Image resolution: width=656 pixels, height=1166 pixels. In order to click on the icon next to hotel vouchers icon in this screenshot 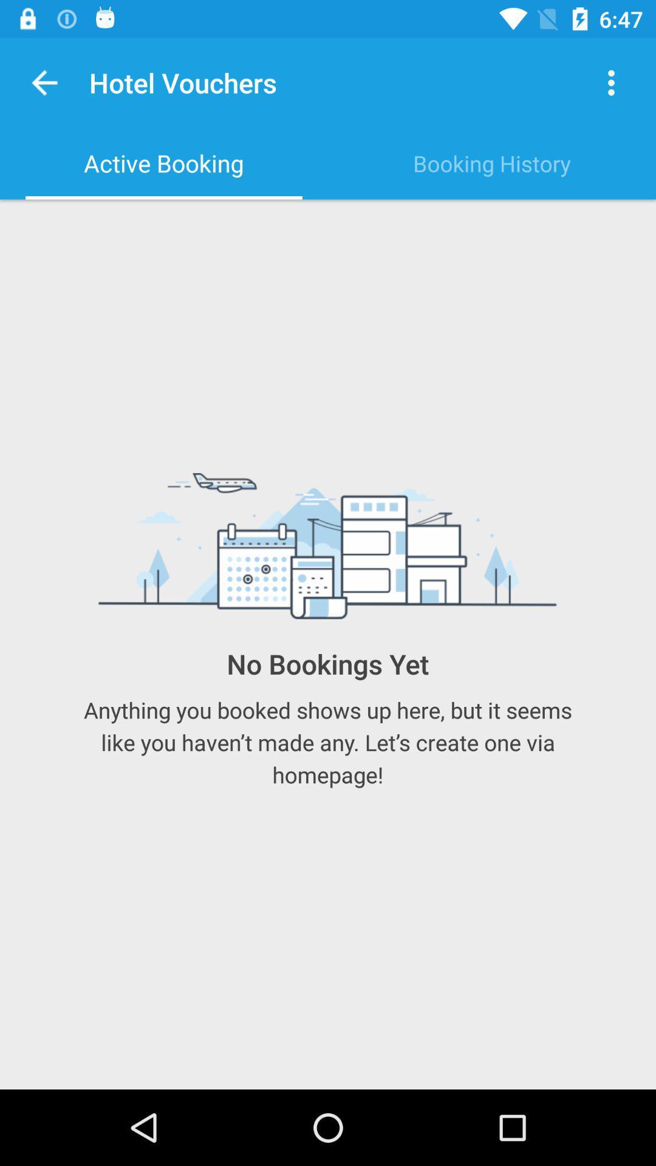, I will do `click(44, 82)`.